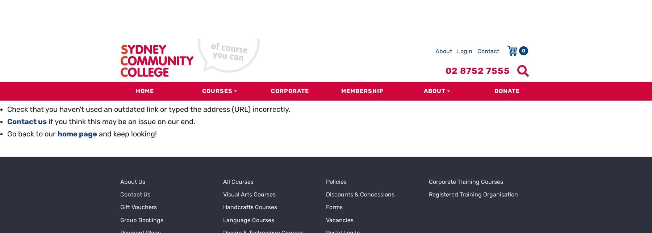 Image resolution: width=652 pixels, height=233 pixels. What do you see at coordinates (250, 106) in the screenshot?
I see `'Handcrafts Courses'` at bounding box center [250, 106].